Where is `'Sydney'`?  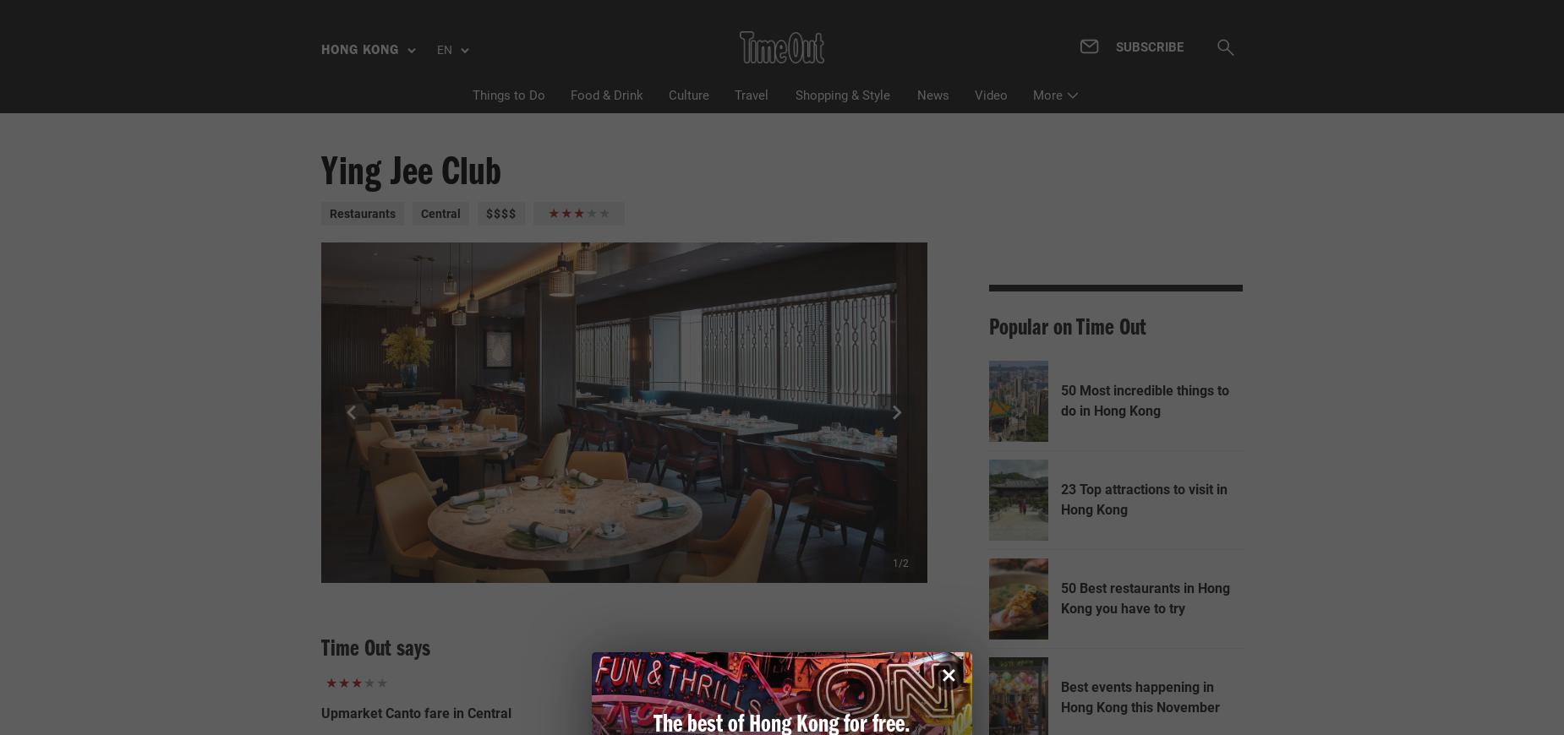
'Sydney' is located at coordinates (368, 313).